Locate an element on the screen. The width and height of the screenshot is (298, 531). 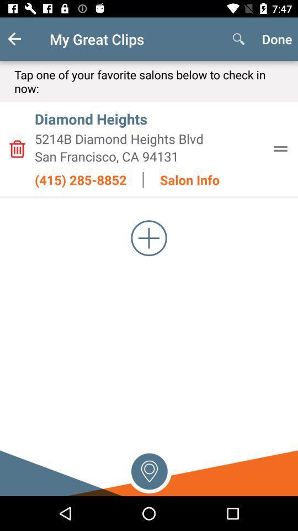
delete salon is located at coordinates (17, 148).